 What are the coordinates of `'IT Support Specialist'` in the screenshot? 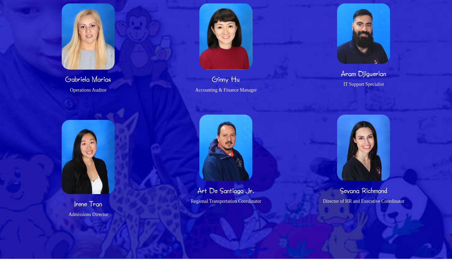 It's located at (363, 84).